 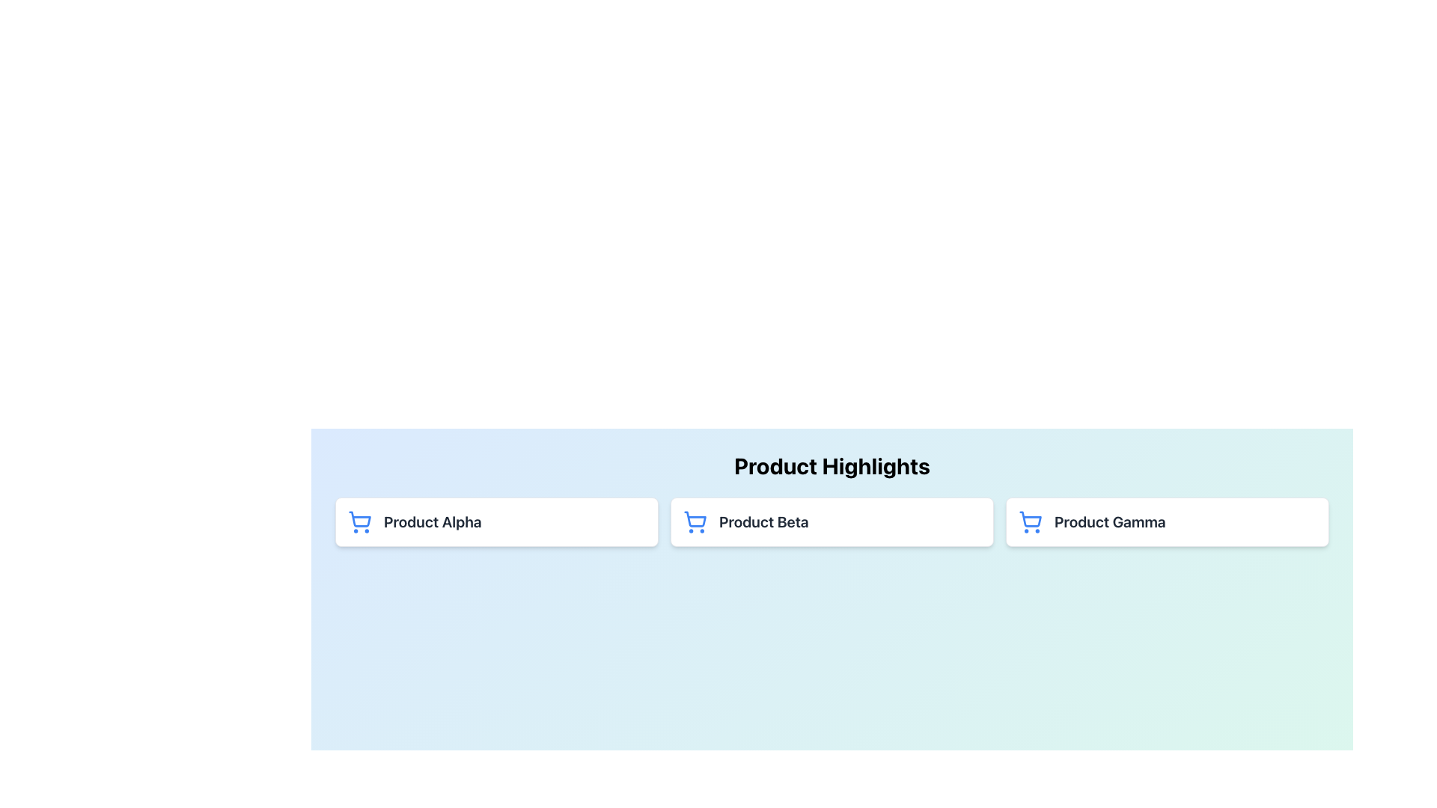 I want to click on the text label for 'Product Alpha' which is positioned within the first card under the 'Product Highlights' section, to the right of the shopping cart icon, so click(x=432, y=521).